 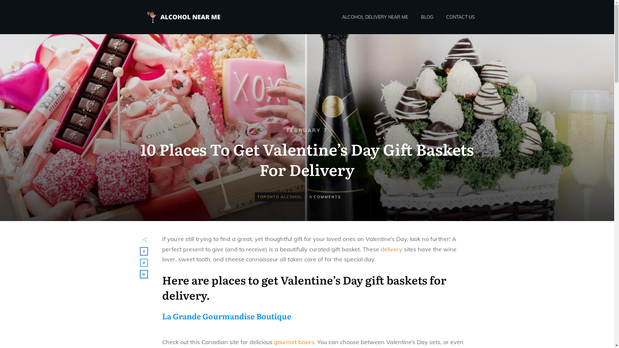 What do you see at coordinates (391, 249) in the screenshot?
I see `'delivery'` at bounding box center [391, 249].